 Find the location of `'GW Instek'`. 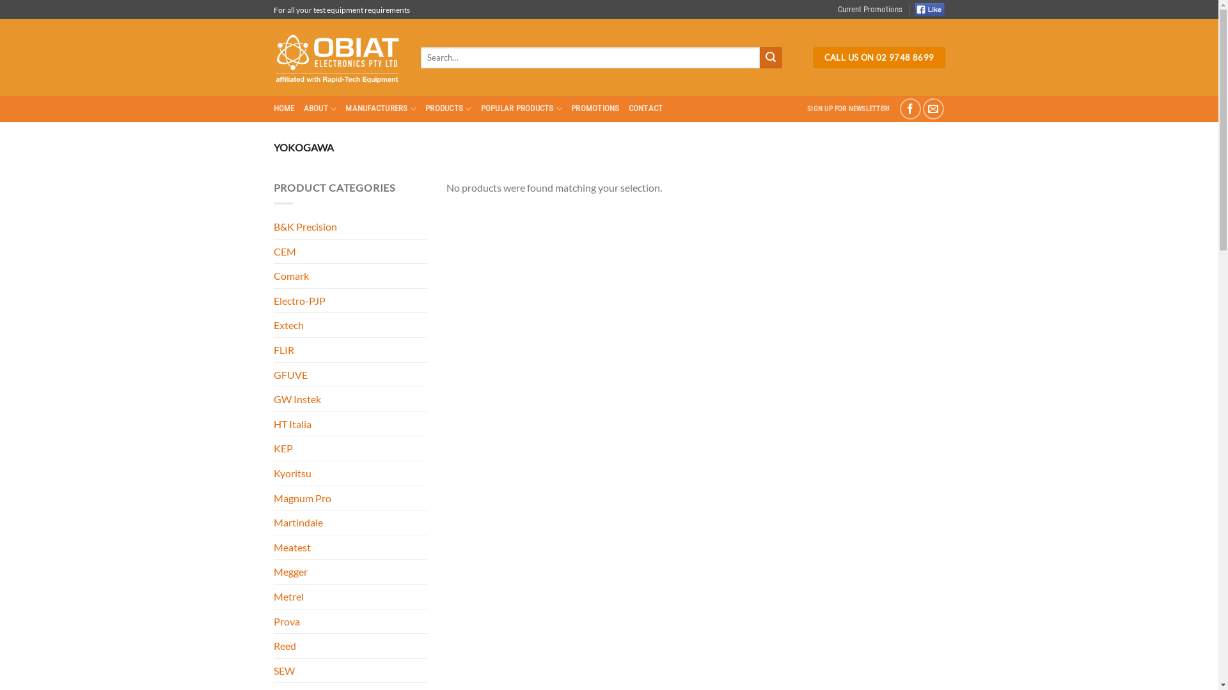

'GW Instek' is located at coordinates (350, 398).